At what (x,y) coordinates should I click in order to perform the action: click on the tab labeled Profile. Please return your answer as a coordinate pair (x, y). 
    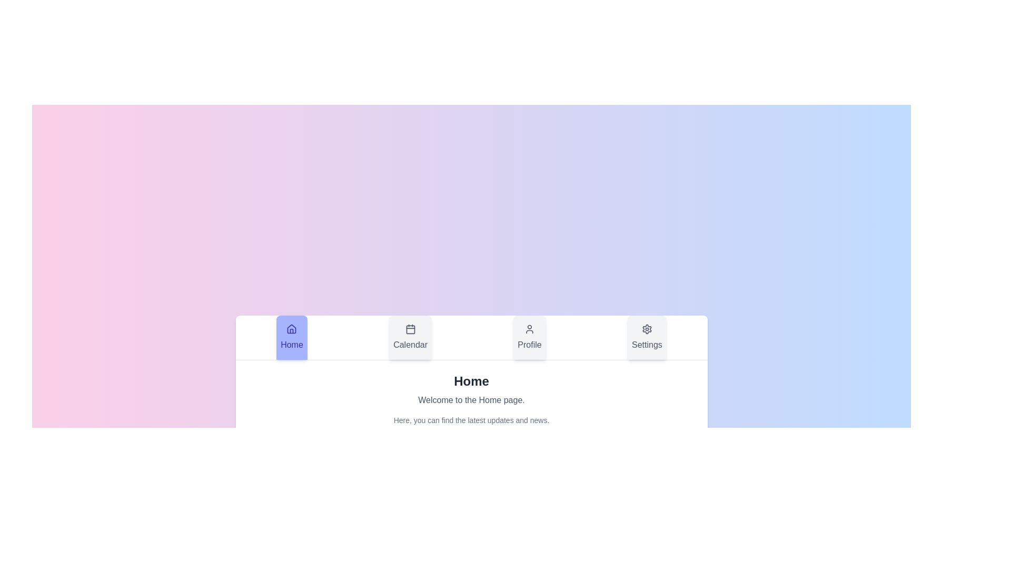
    Looking at the image, I should click on (530, 337).